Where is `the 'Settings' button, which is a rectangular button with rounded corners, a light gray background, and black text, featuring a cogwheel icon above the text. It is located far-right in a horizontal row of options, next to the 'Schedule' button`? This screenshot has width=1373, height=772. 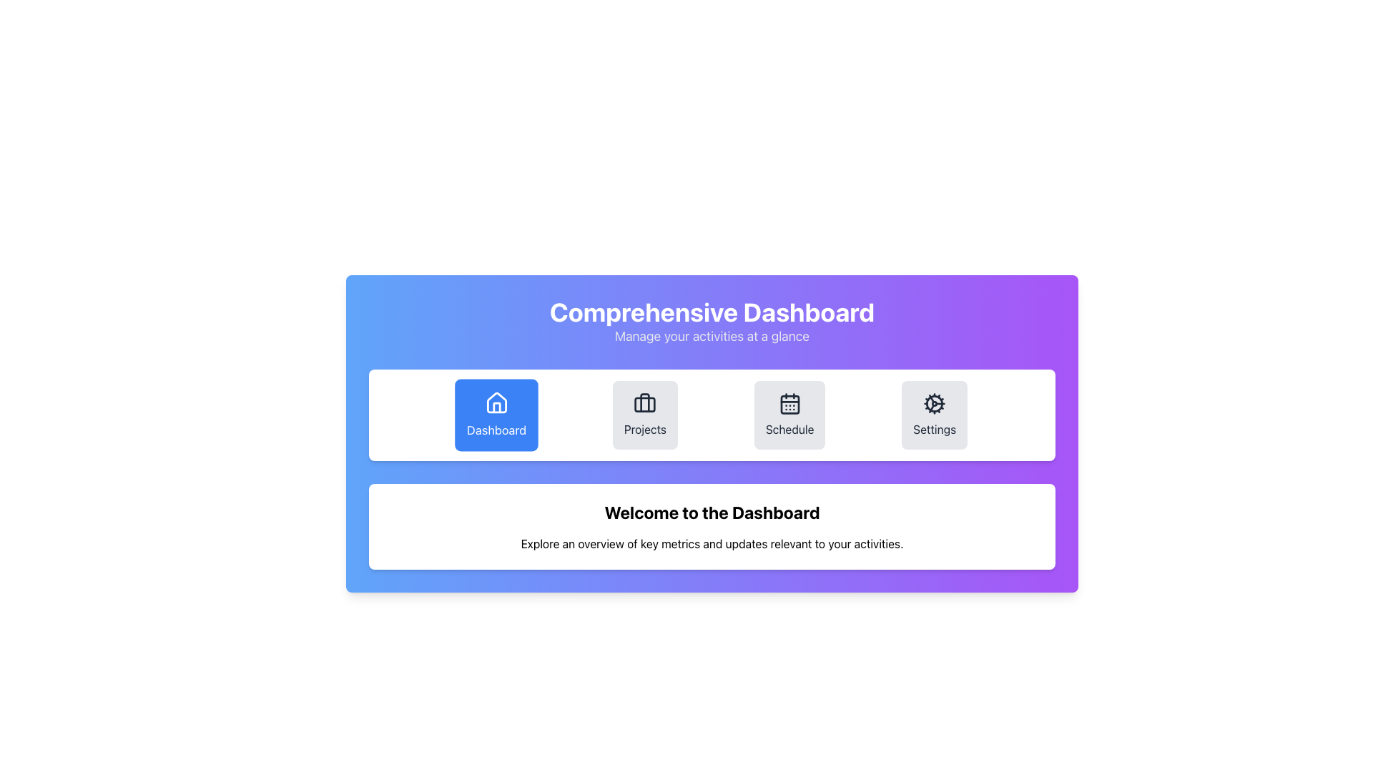 the 'Settings' button, which is a rectangular button with rounded corners, a light gray background, and black text, featuring a cogwheel icon above the text. It is located far-right in a horizontal row of options, next to the 'Schedule' button is located at coordinates (935, 415).